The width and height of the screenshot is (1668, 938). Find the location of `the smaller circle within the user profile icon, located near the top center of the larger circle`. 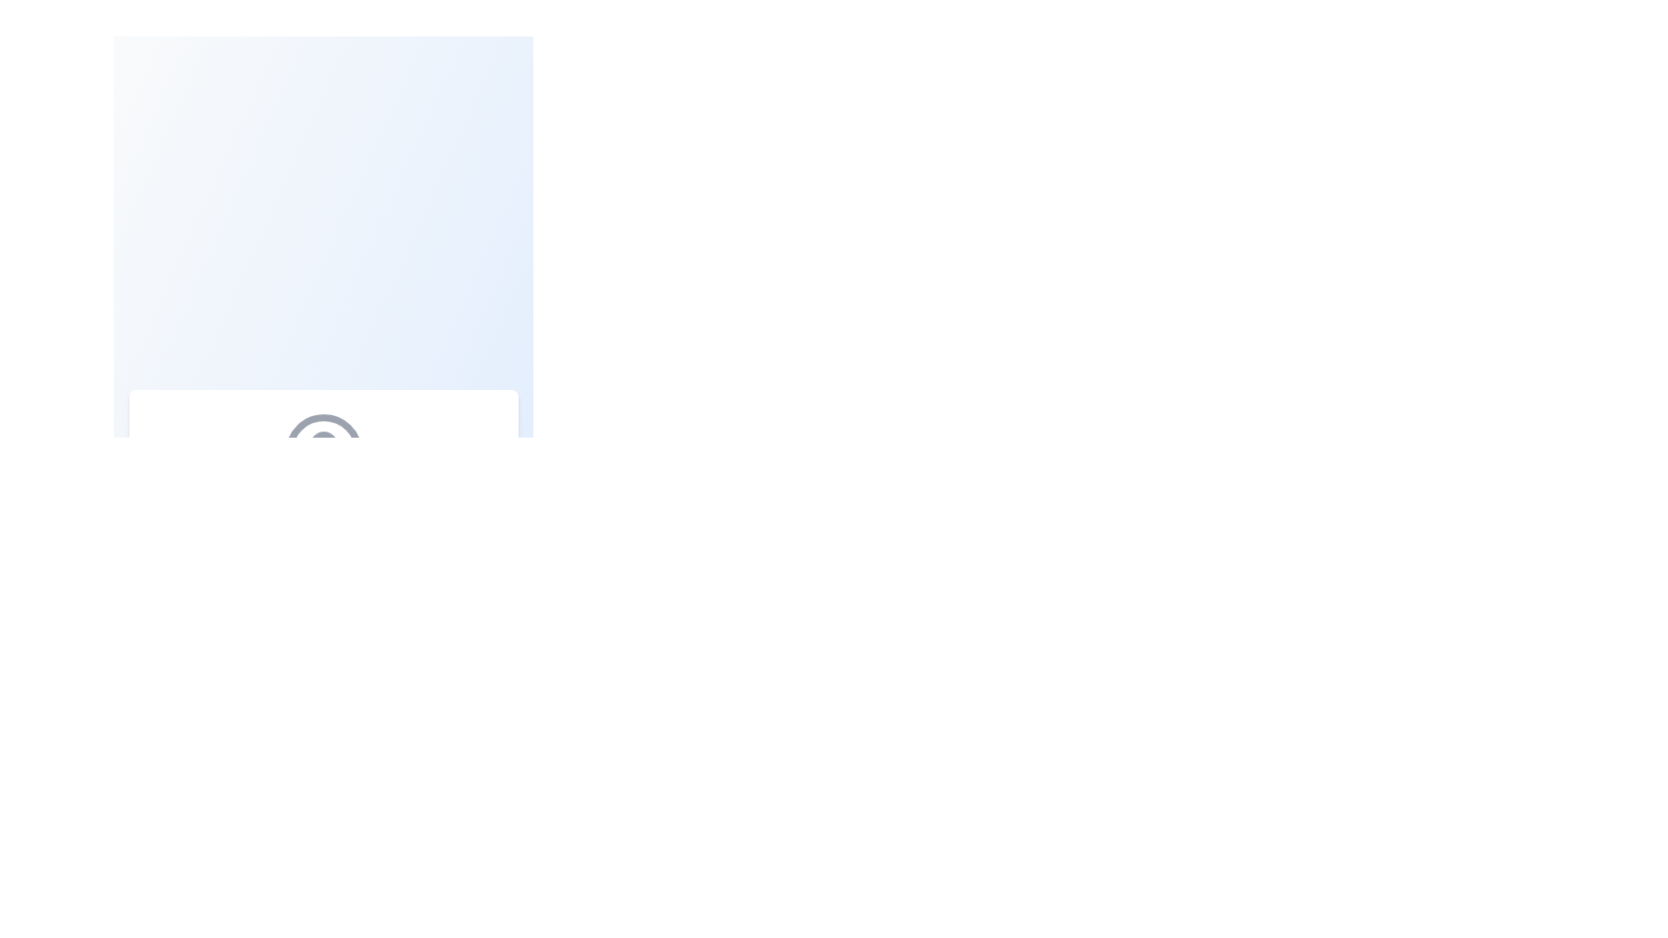

the smaller circle within the user profile icon, located near the top center of the larger circle is located at coordinates (323, 445).